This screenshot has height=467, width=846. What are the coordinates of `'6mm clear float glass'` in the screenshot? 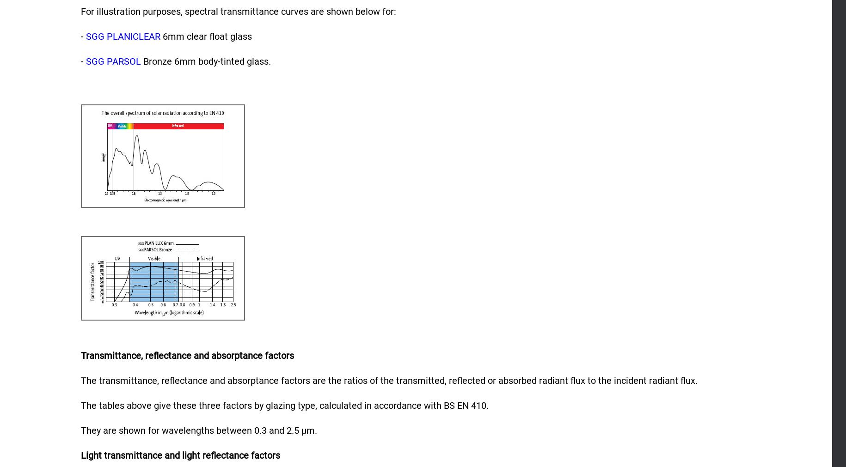 It's located at (205, 36).